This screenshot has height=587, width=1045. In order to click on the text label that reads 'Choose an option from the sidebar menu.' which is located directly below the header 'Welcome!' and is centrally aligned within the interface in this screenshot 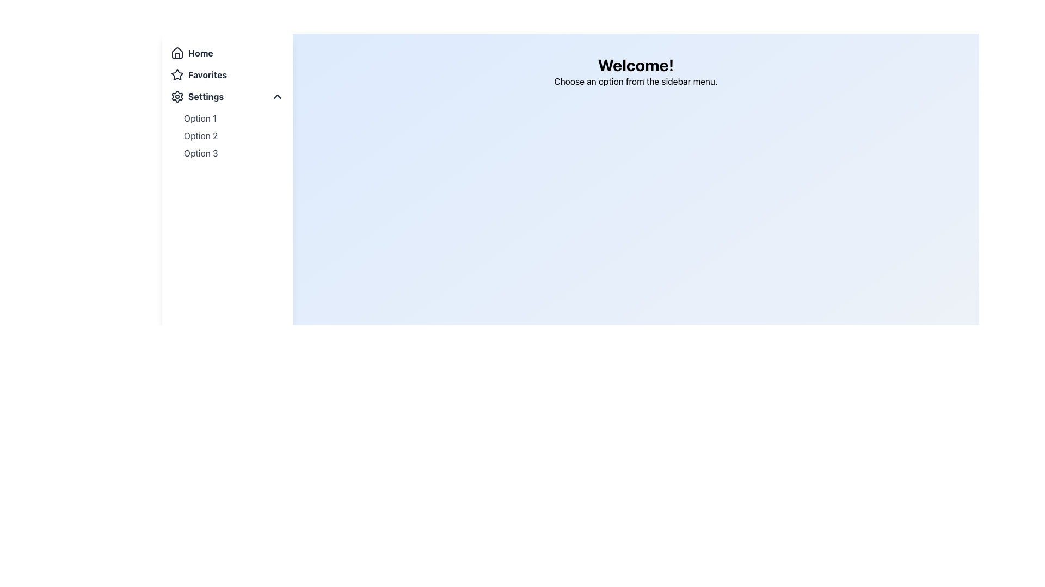, I will do `click(636, 81)`.